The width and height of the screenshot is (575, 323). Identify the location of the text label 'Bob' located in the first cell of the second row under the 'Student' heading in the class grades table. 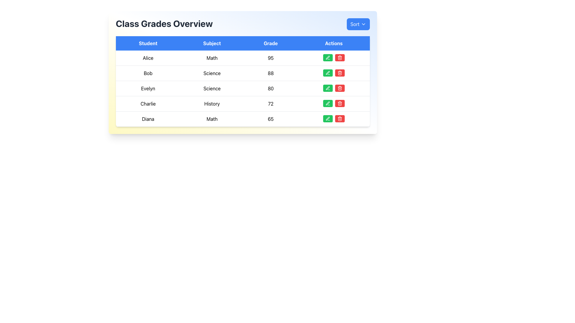
(148, 73).